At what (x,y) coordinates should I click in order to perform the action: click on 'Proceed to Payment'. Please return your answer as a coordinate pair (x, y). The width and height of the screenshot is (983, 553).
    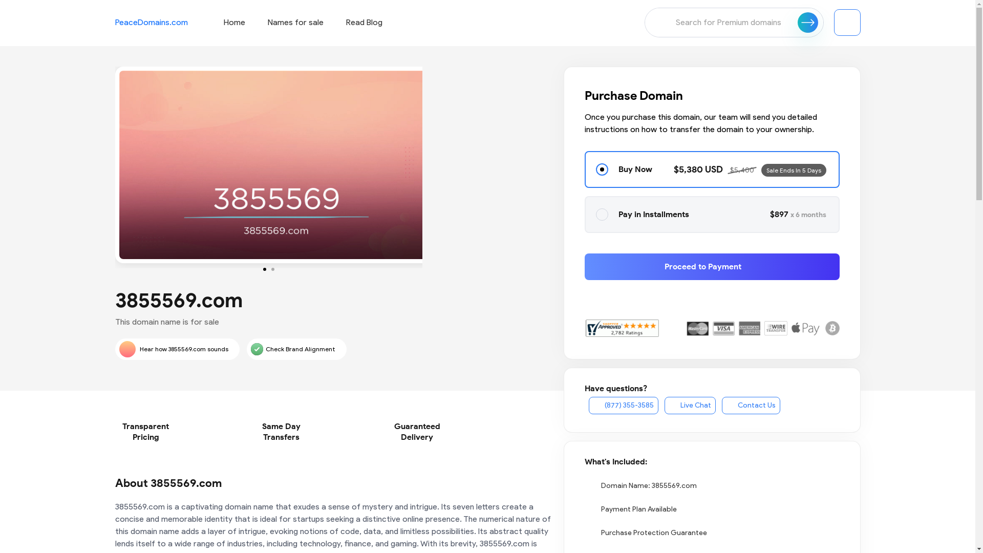
    Looking at the image, I should click on (712, 266).